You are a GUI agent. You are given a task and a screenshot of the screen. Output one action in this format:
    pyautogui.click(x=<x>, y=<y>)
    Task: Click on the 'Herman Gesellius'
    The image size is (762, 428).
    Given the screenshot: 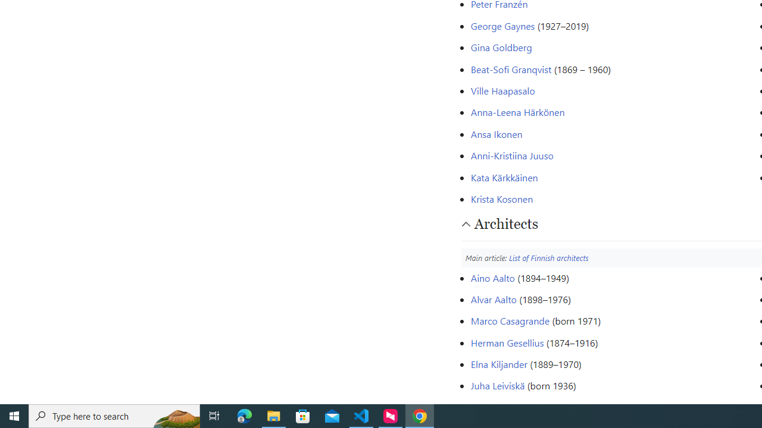 What is the action you would take?
    pyautogui.click(x=507, y=342)
    